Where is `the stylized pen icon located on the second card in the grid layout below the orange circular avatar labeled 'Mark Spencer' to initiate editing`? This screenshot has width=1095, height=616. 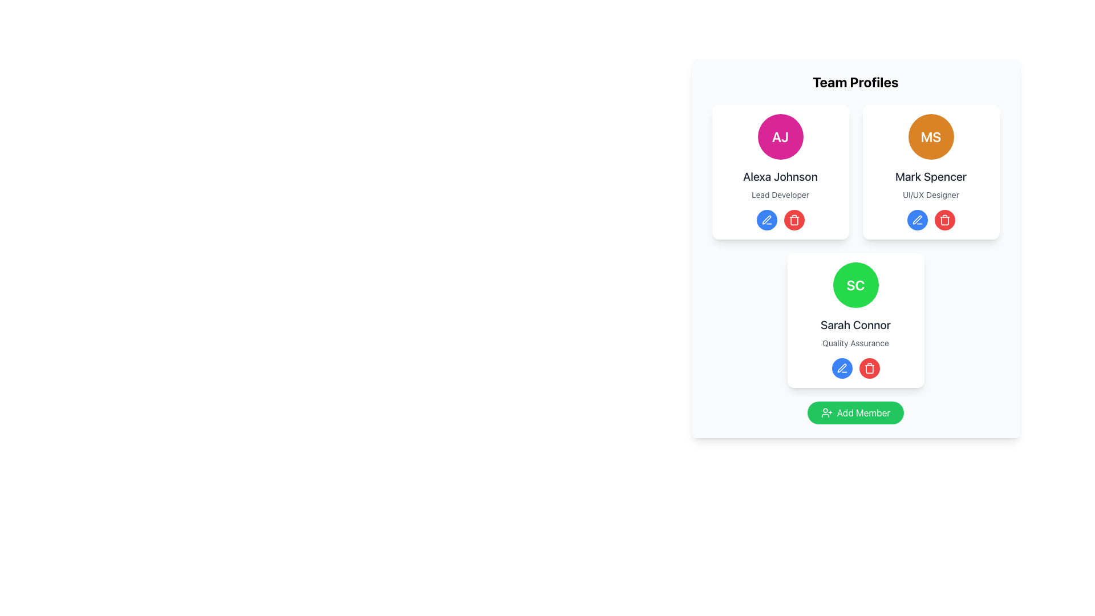
the stylized pen icon located on the second card in the grid layout below the orange circular avatar labeled 'Mark Spencer' to initiate editing is located at coordinates (917, 220).